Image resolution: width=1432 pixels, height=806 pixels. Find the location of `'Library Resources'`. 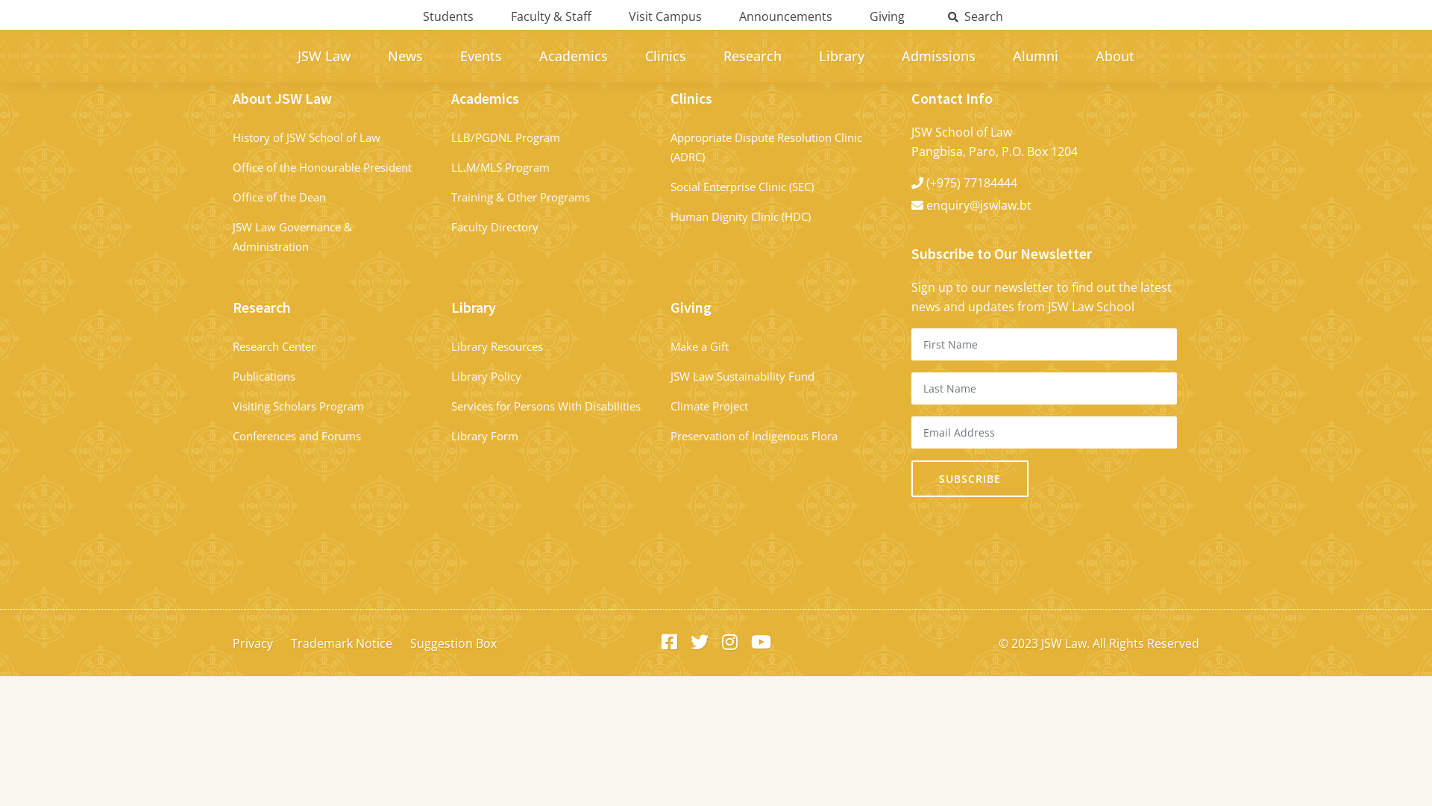

'Library Resources' is located at coordinates (450, 346).